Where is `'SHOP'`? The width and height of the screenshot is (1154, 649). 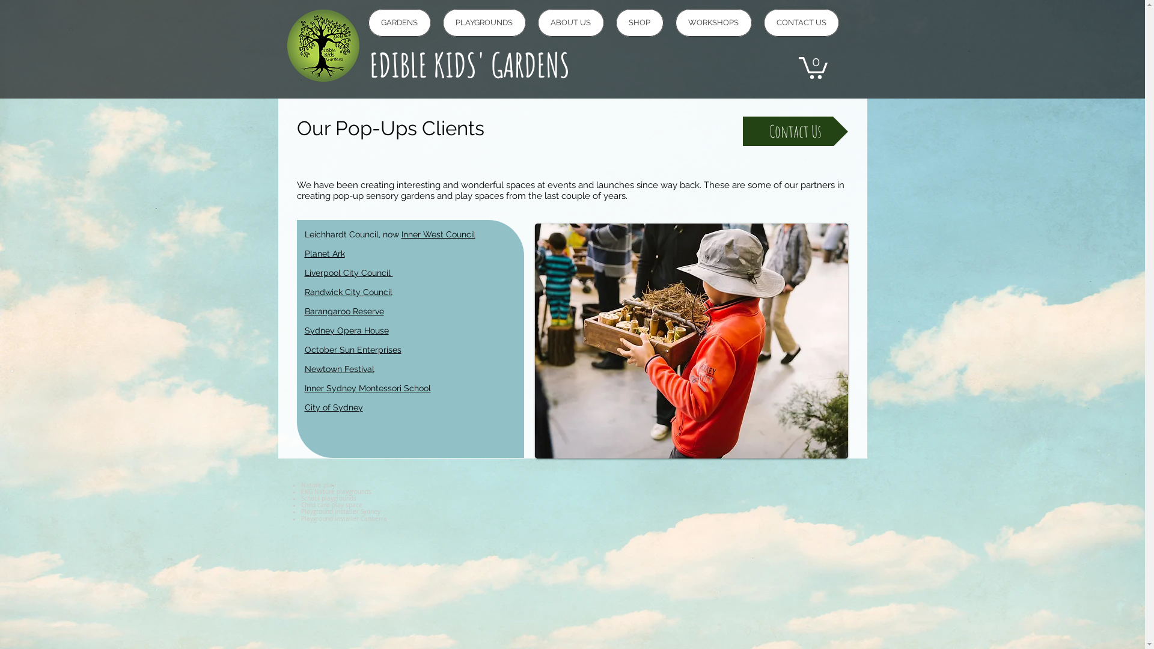 'SHOP' is located at coordinates (638, 23).